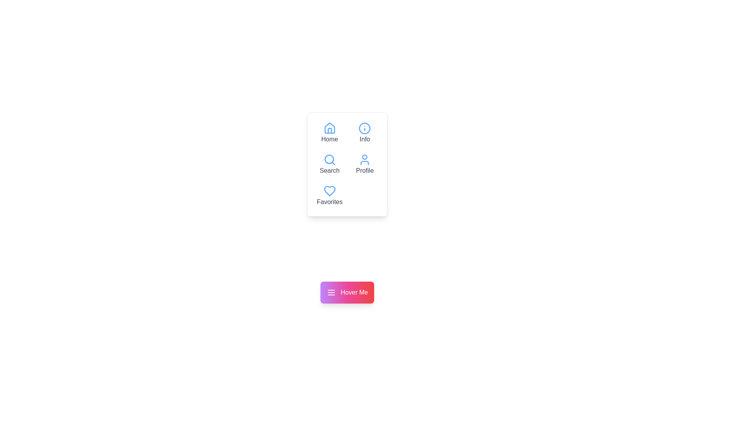  I want to click on the user profile icon, which is the fourth item in the vertical list of icons, so click(364, 159).